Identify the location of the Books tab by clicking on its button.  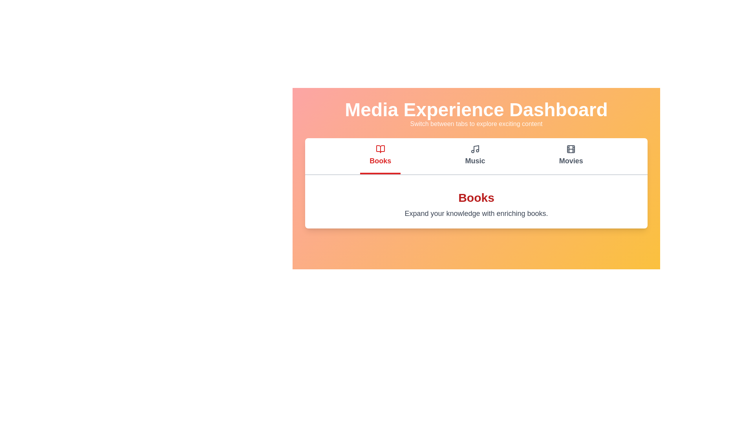
(380, 156).